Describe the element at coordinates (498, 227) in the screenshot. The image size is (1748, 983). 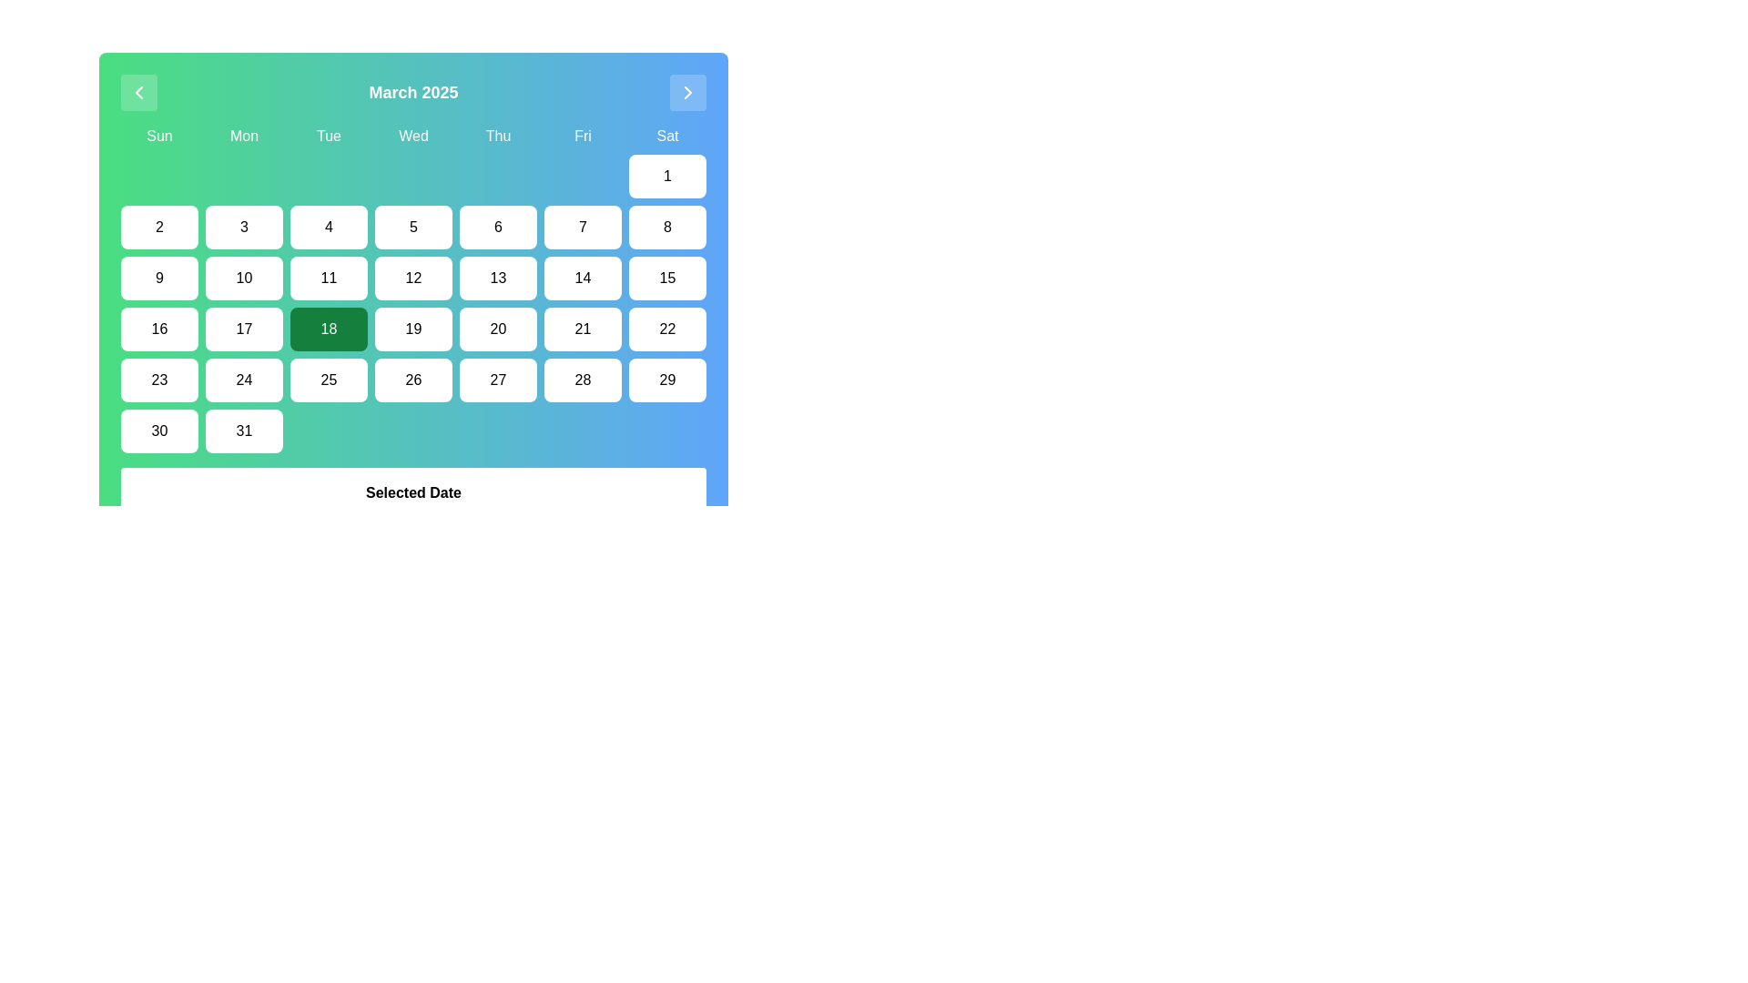
I see `the rounded rectangular button displaying the number '6' located under the 'Thu' header in the calendar grid` at that location.